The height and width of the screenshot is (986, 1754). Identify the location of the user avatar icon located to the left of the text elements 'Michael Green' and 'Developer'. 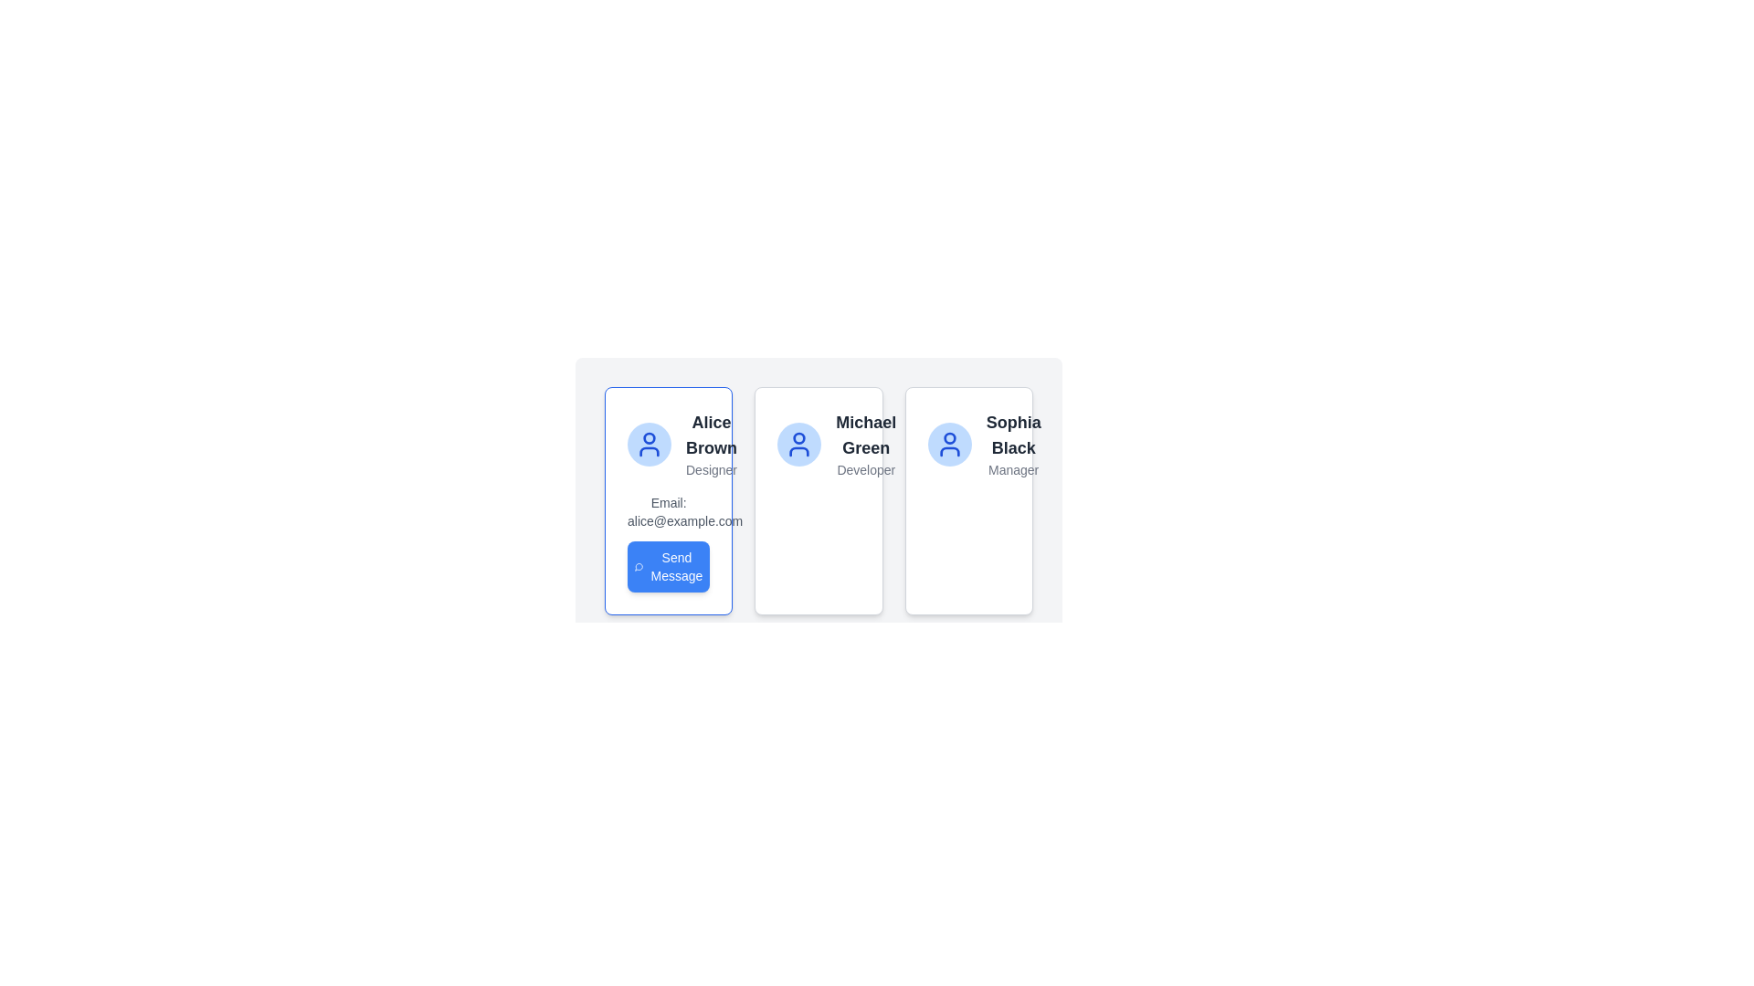
(799, 444).